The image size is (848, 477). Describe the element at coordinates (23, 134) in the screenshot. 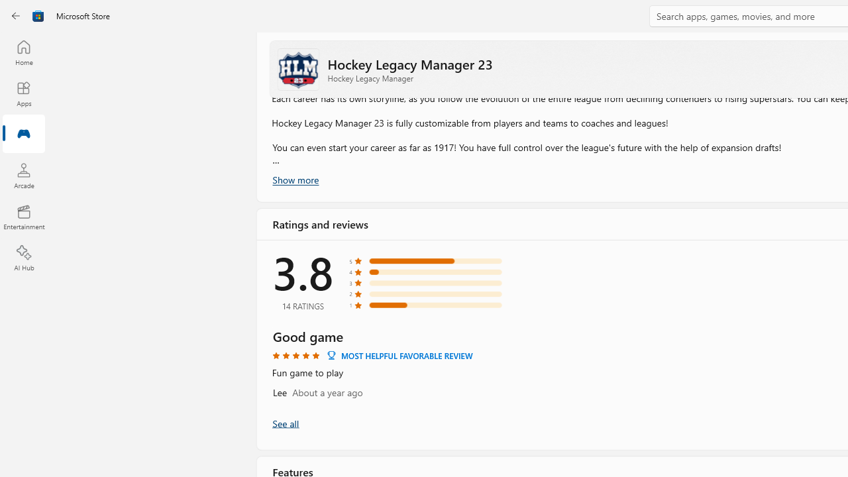

I see `'Gaming'` at that location.